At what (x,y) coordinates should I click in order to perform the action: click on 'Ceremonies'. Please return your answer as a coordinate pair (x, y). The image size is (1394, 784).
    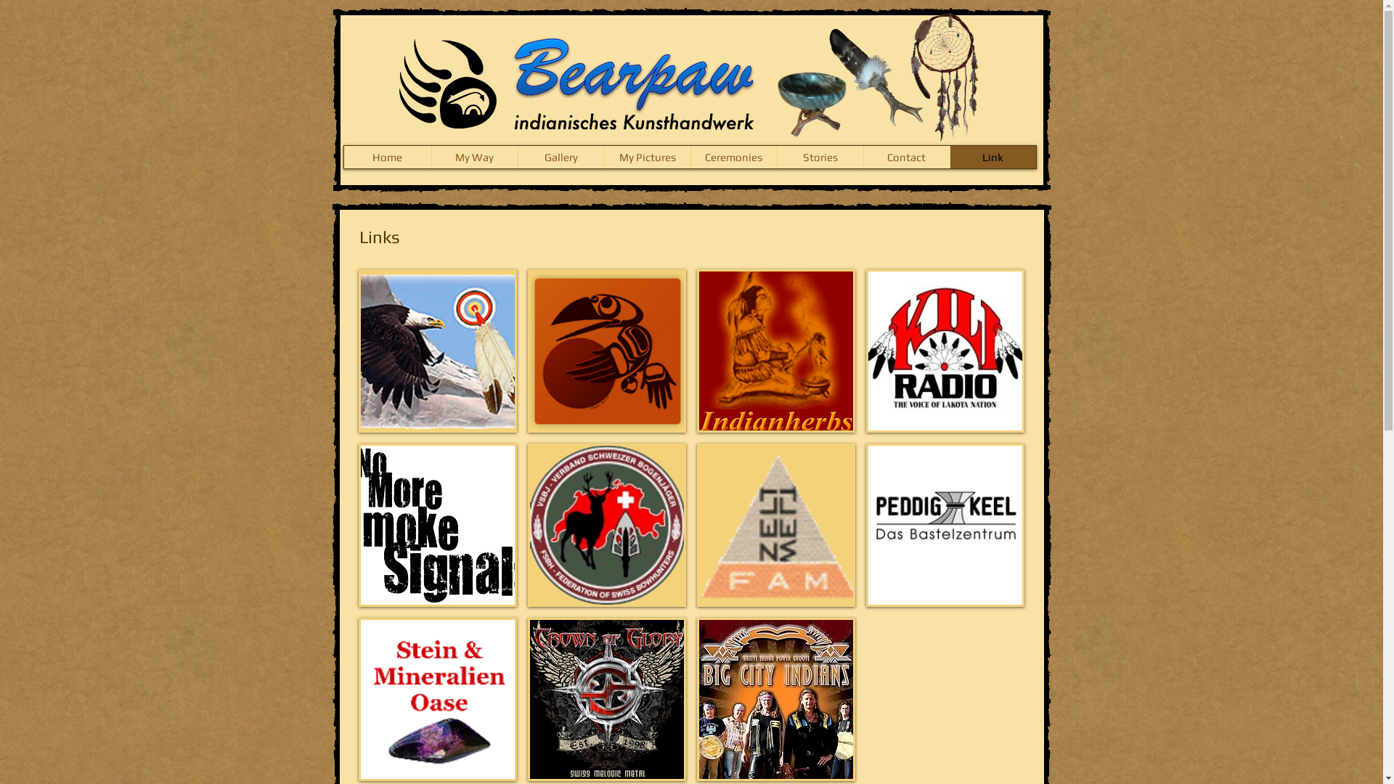
    Looking at the image, I should click on (689, 157).